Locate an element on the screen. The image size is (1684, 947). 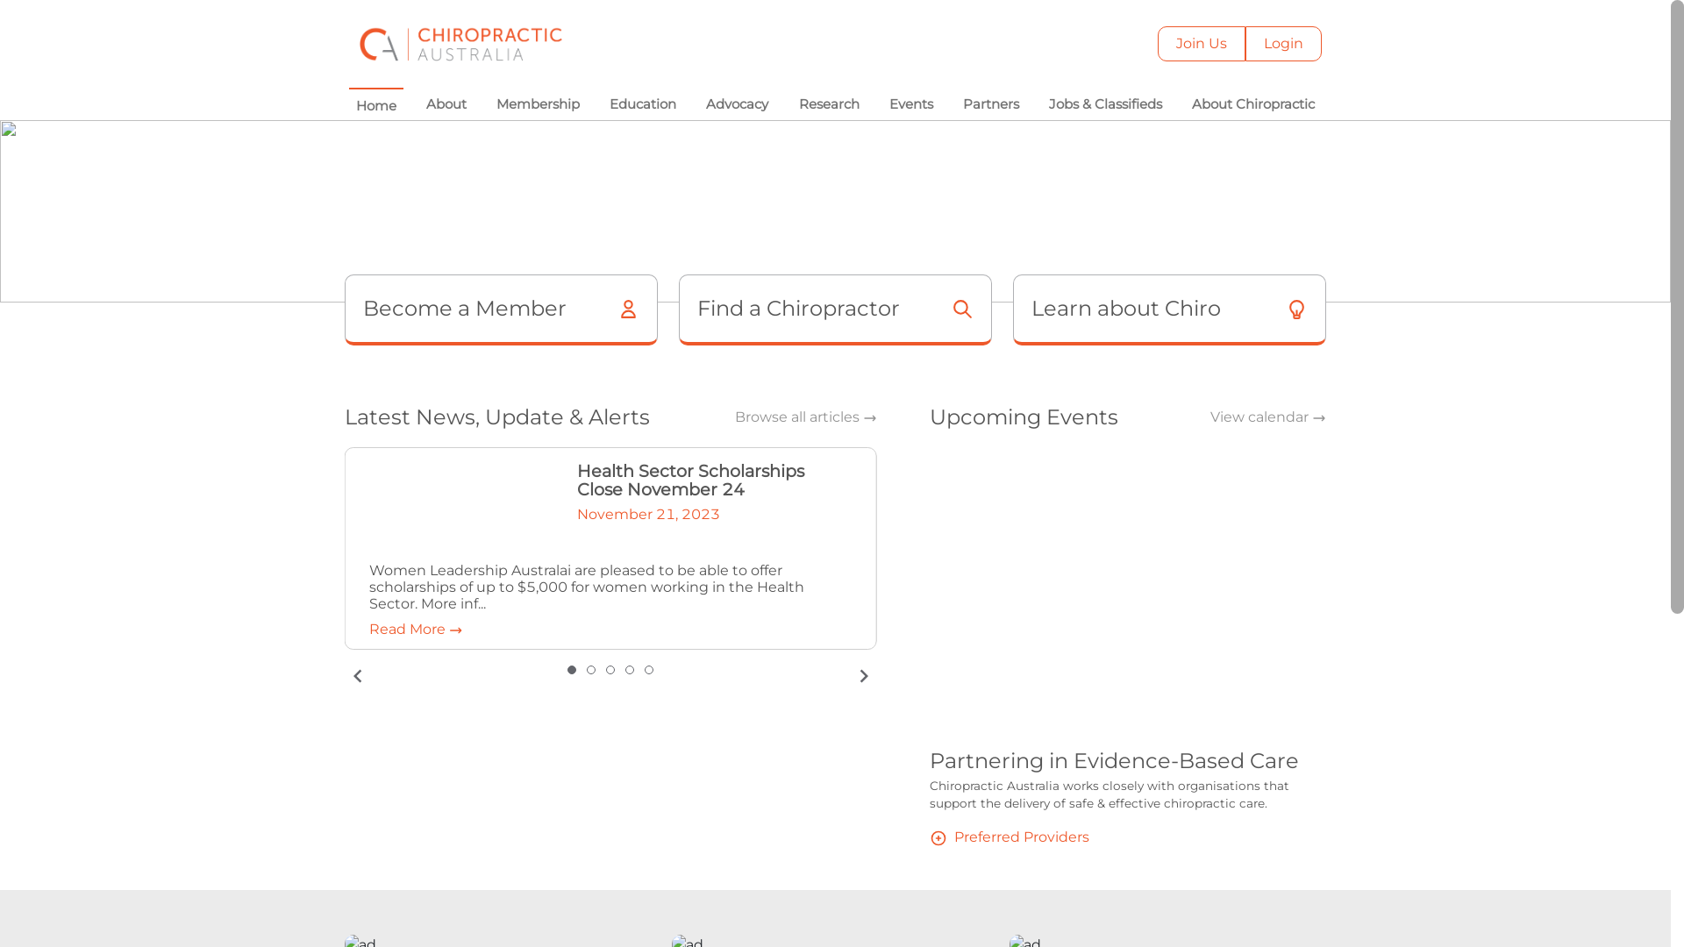
'Membership' is located at coordinates (537, 104).